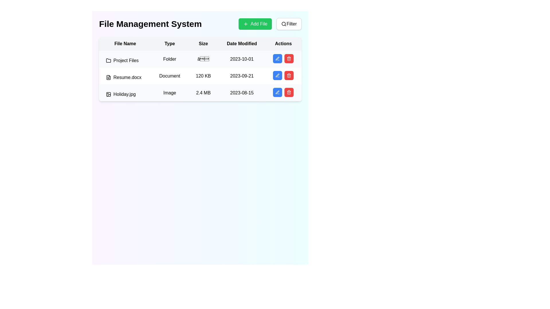 Image resolution: width=550 pixels, height=309 pixels. Describe the element at coordinates (284, 24) in the screenshot. I see `the 'Filter' button which contains the magnifying glass icon used for search functionality, located in the top-right corner of the interface` at that location.